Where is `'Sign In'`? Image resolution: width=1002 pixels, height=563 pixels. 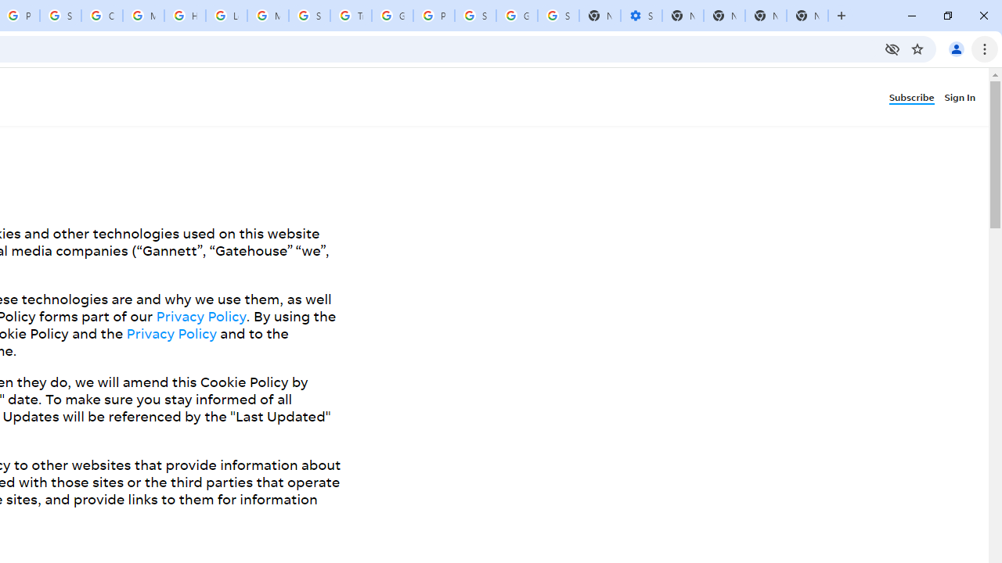
'Sign In' is located at coordinates (962, 96).